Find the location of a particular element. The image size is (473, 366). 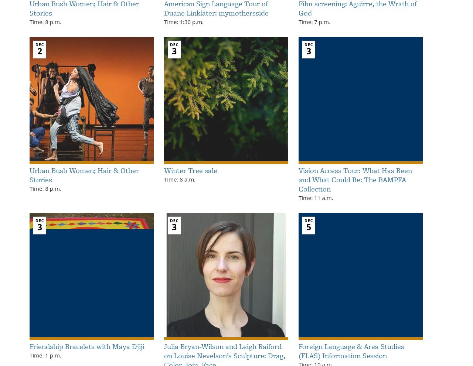

'Time: 7 p.m.' is located at coordinates (314, 21).